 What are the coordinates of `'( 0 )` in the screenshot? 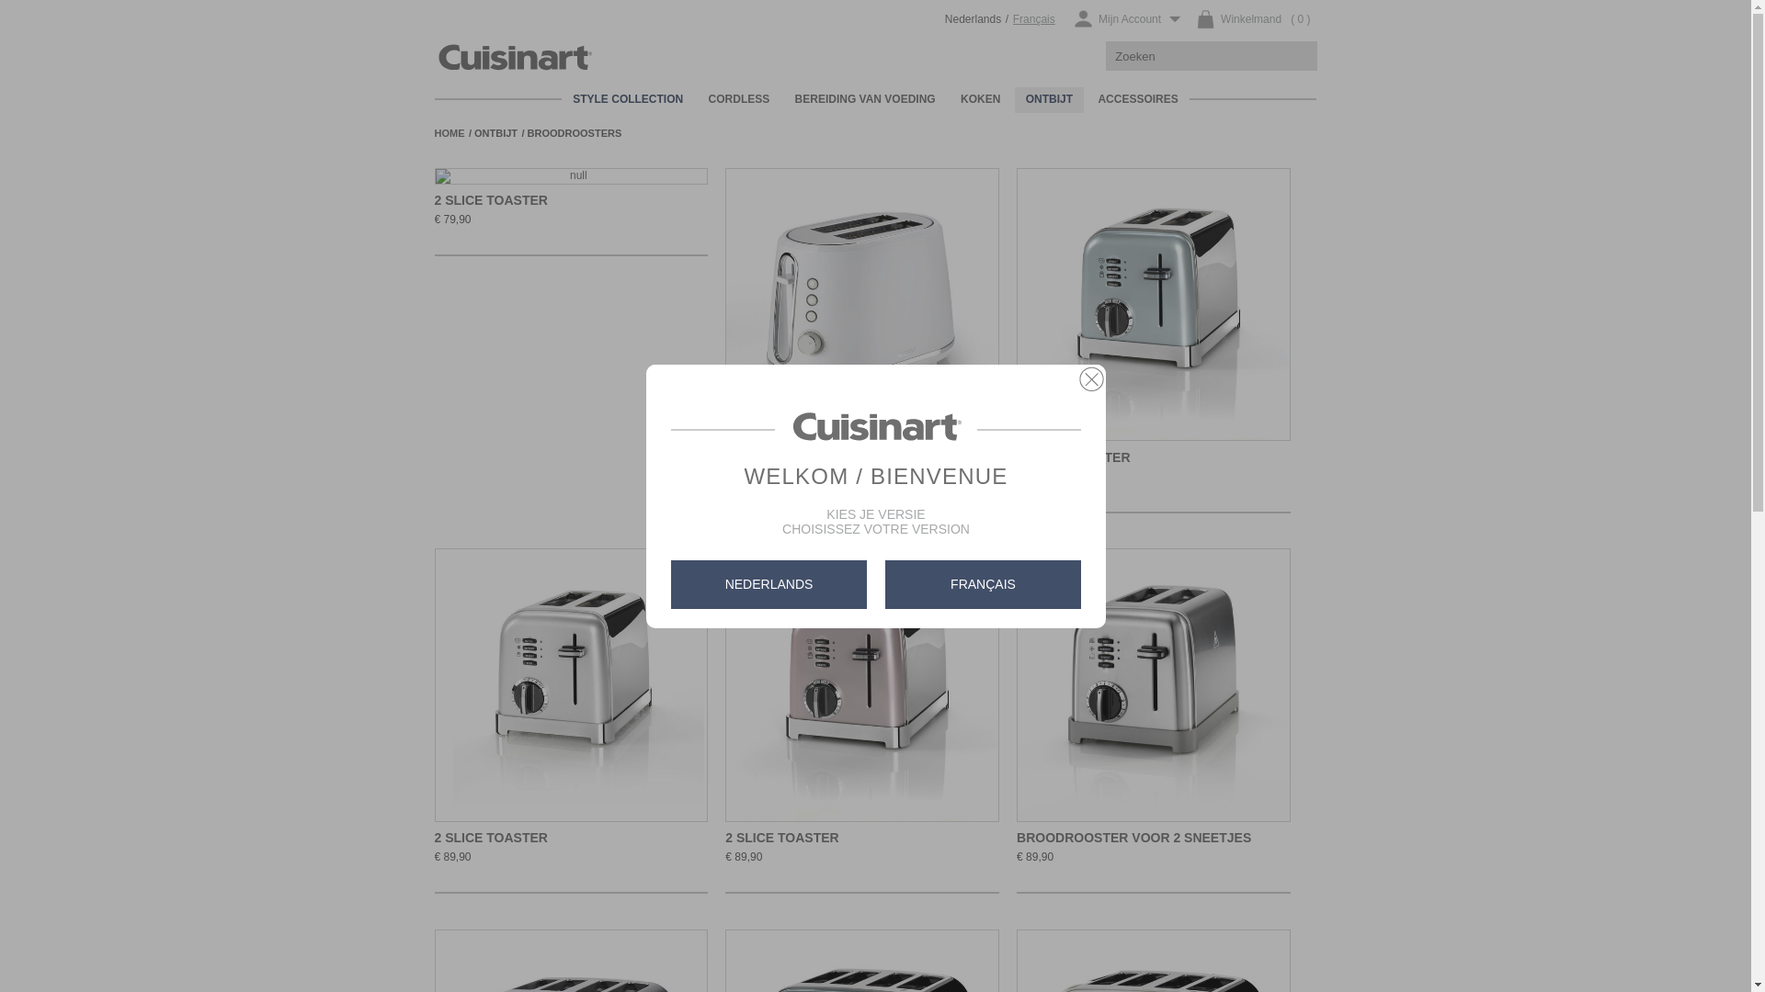 It's located at (1251, 20).